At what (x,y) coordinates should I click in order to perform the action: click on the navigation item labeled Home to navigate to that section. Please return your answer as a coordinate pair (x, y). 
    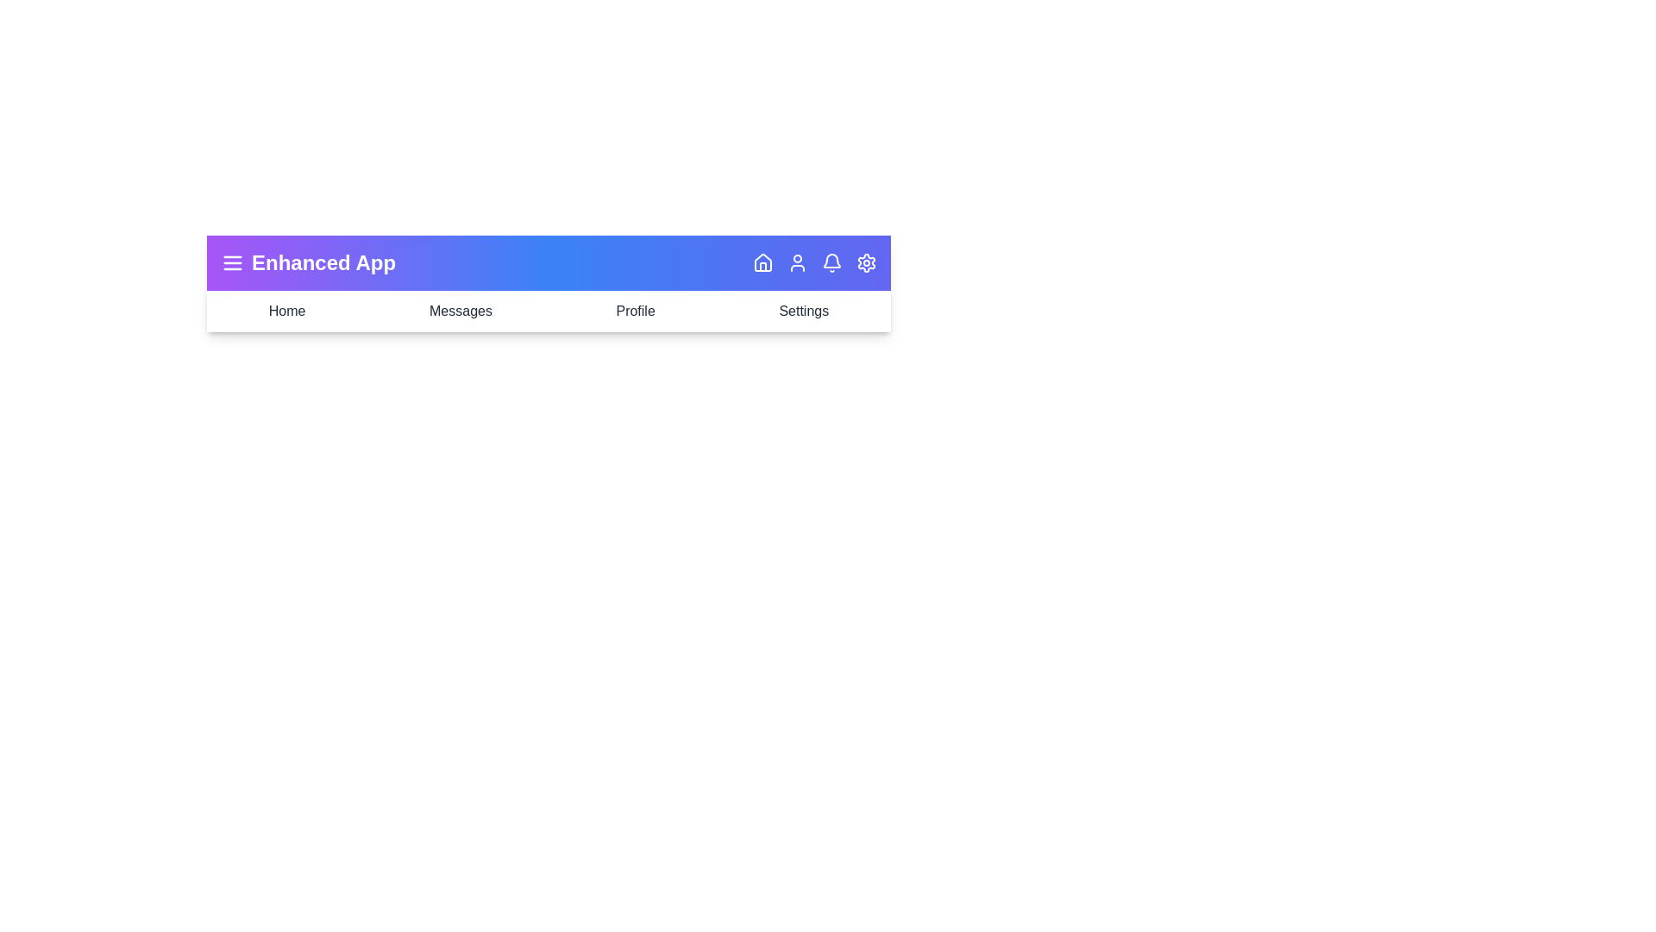
    Looking at the image, I should click on (286, 312).